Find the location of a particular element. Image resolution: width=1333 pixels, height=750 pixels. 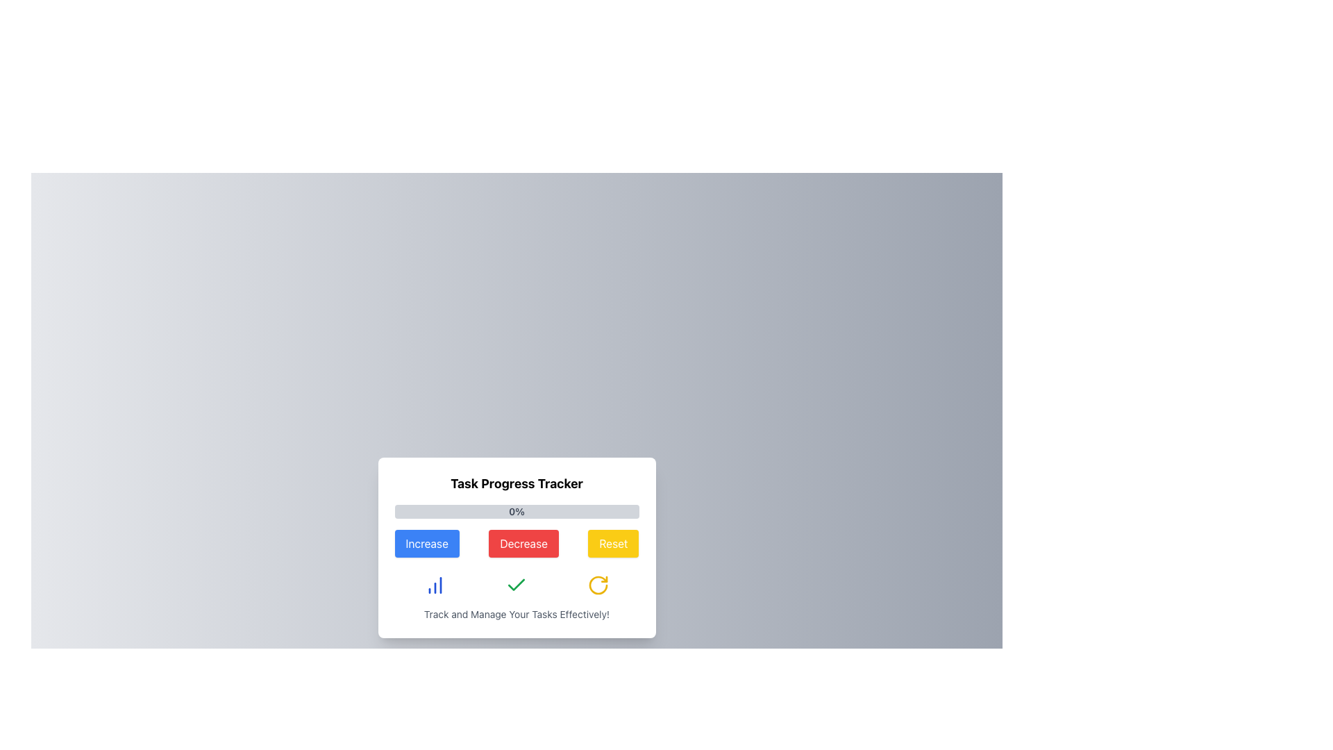

the green checkmark icon located in the lower section of the interface, positioned between the blue bar chart icon and the yellow circular arrow icon is located at coordinates (516, 585).